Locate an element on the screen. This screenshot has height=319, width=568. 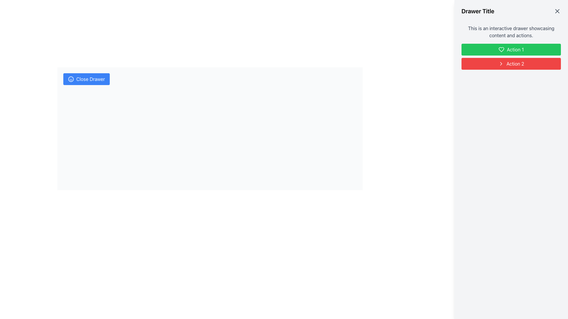
the text label 'Close Drawer' for accessibility tools is located at coordinates (90, 79).